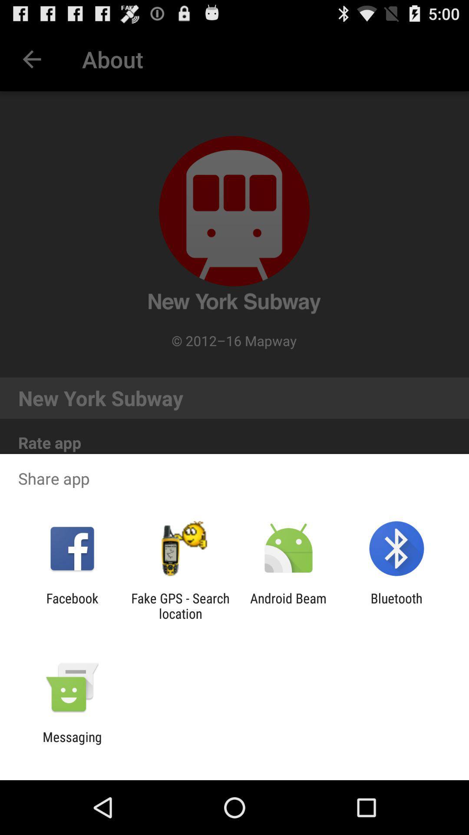 This screenshot has height=835, width=469. What do you see at coordinates (180, 605) in the screenshot?
I see `item to the left of the android beam icon` at bounding box center [180, 605].